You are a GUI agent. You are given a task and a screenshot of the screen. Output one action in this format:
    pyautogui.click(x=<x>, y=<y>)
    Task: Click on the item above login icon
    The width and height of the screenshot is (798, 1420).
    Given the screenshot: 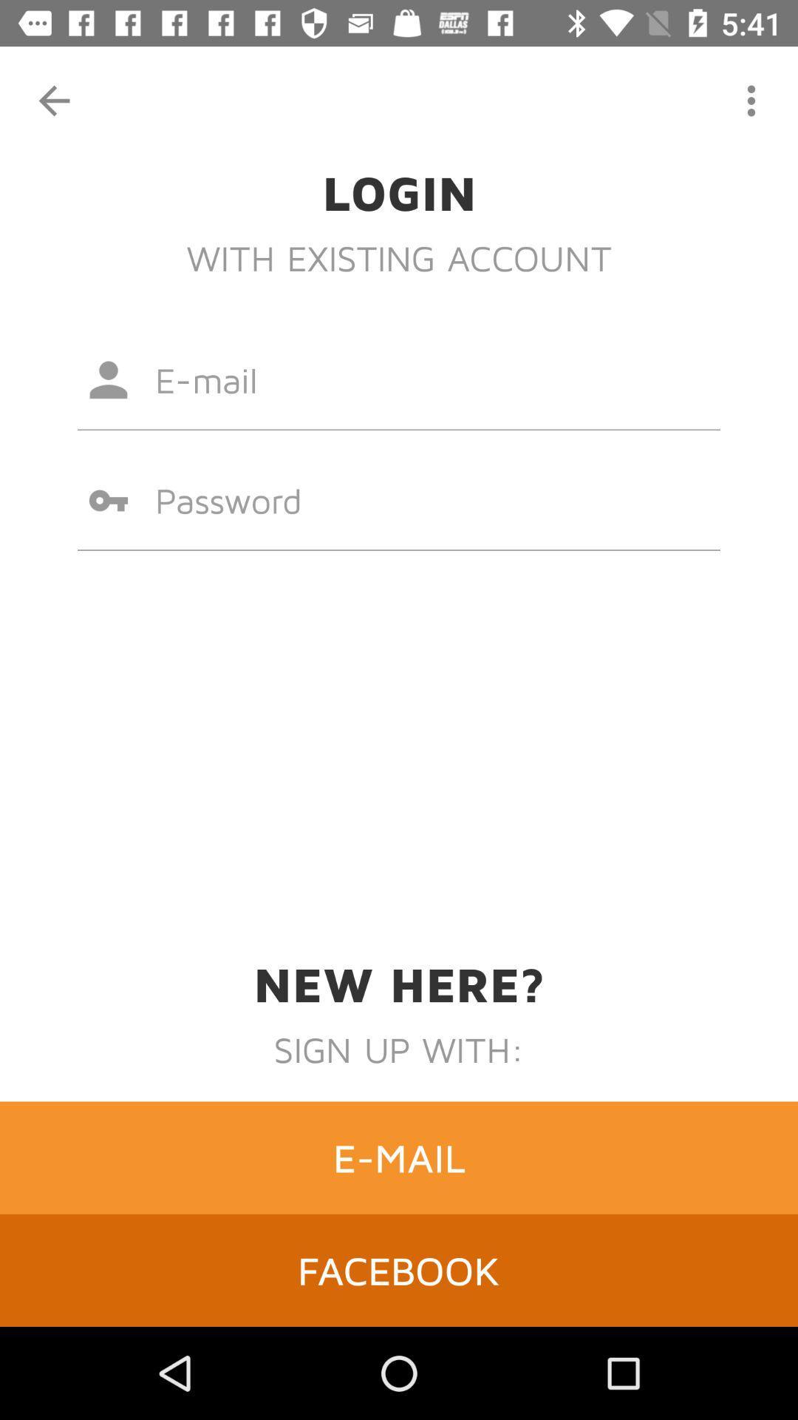 What is the action you would take?
    pyautogui.click(x=751, y=100)
    